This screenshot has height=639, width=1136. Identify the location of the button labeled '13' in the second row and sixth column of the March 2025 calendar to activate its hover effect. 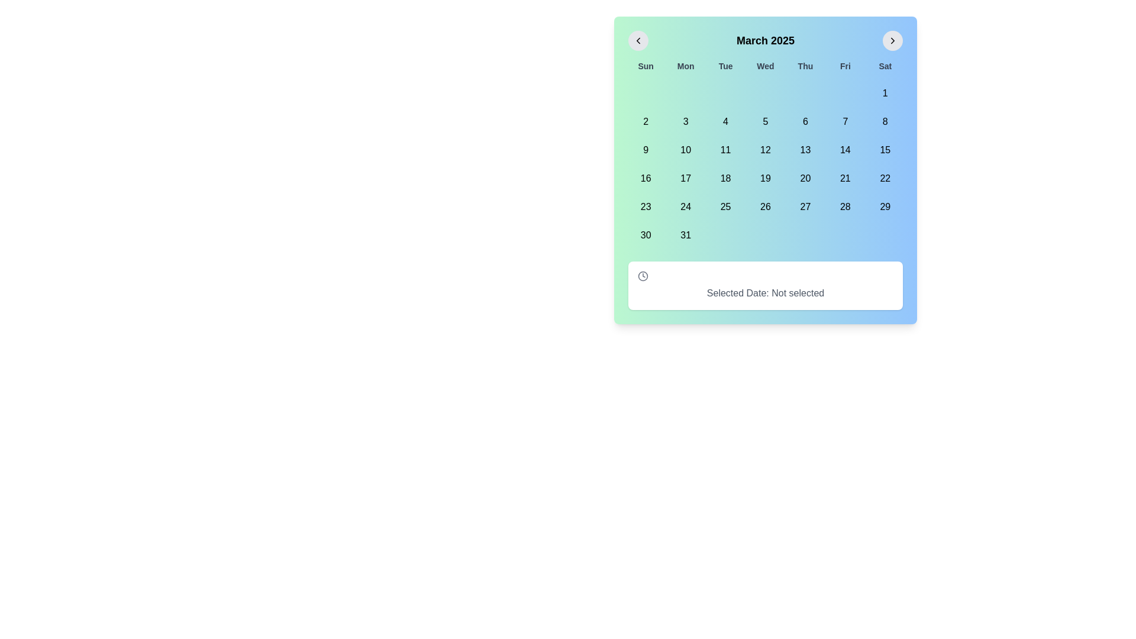
(805, 150).